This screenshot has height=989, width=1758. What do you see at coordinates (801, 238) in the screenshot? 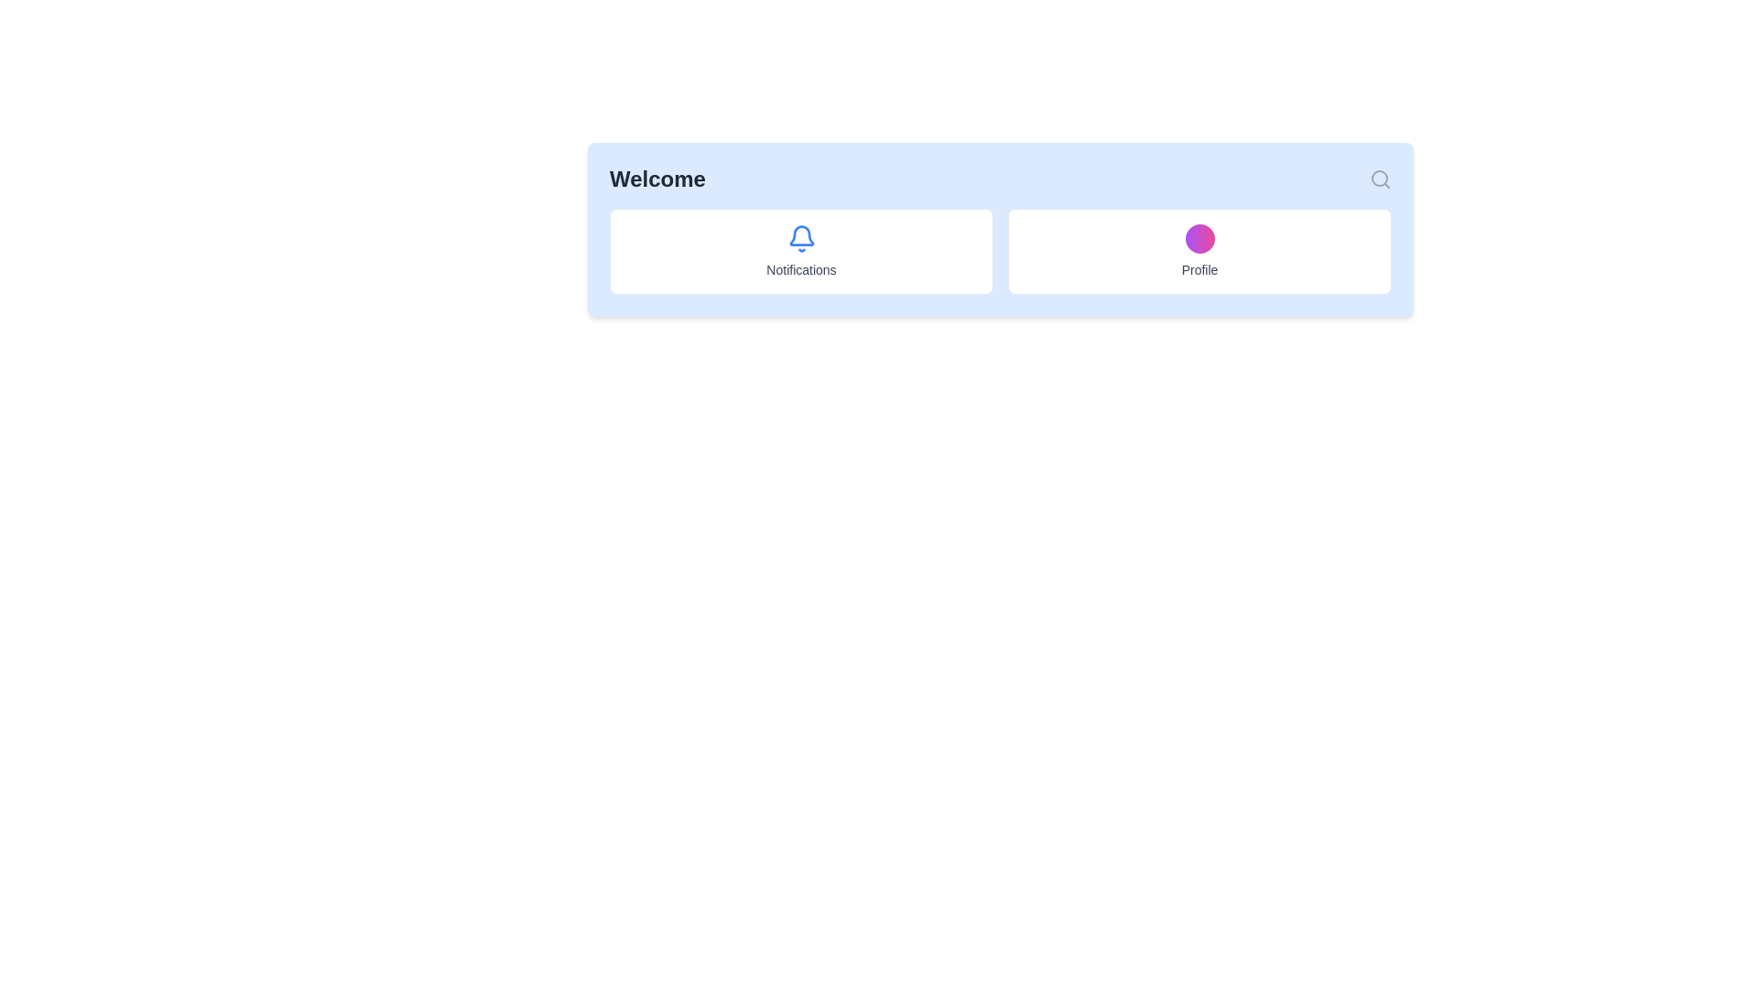
I see `the vivid blue bell-shaped icon located at the top section of the 'Notifications' card` at bounding box center [801, 238].